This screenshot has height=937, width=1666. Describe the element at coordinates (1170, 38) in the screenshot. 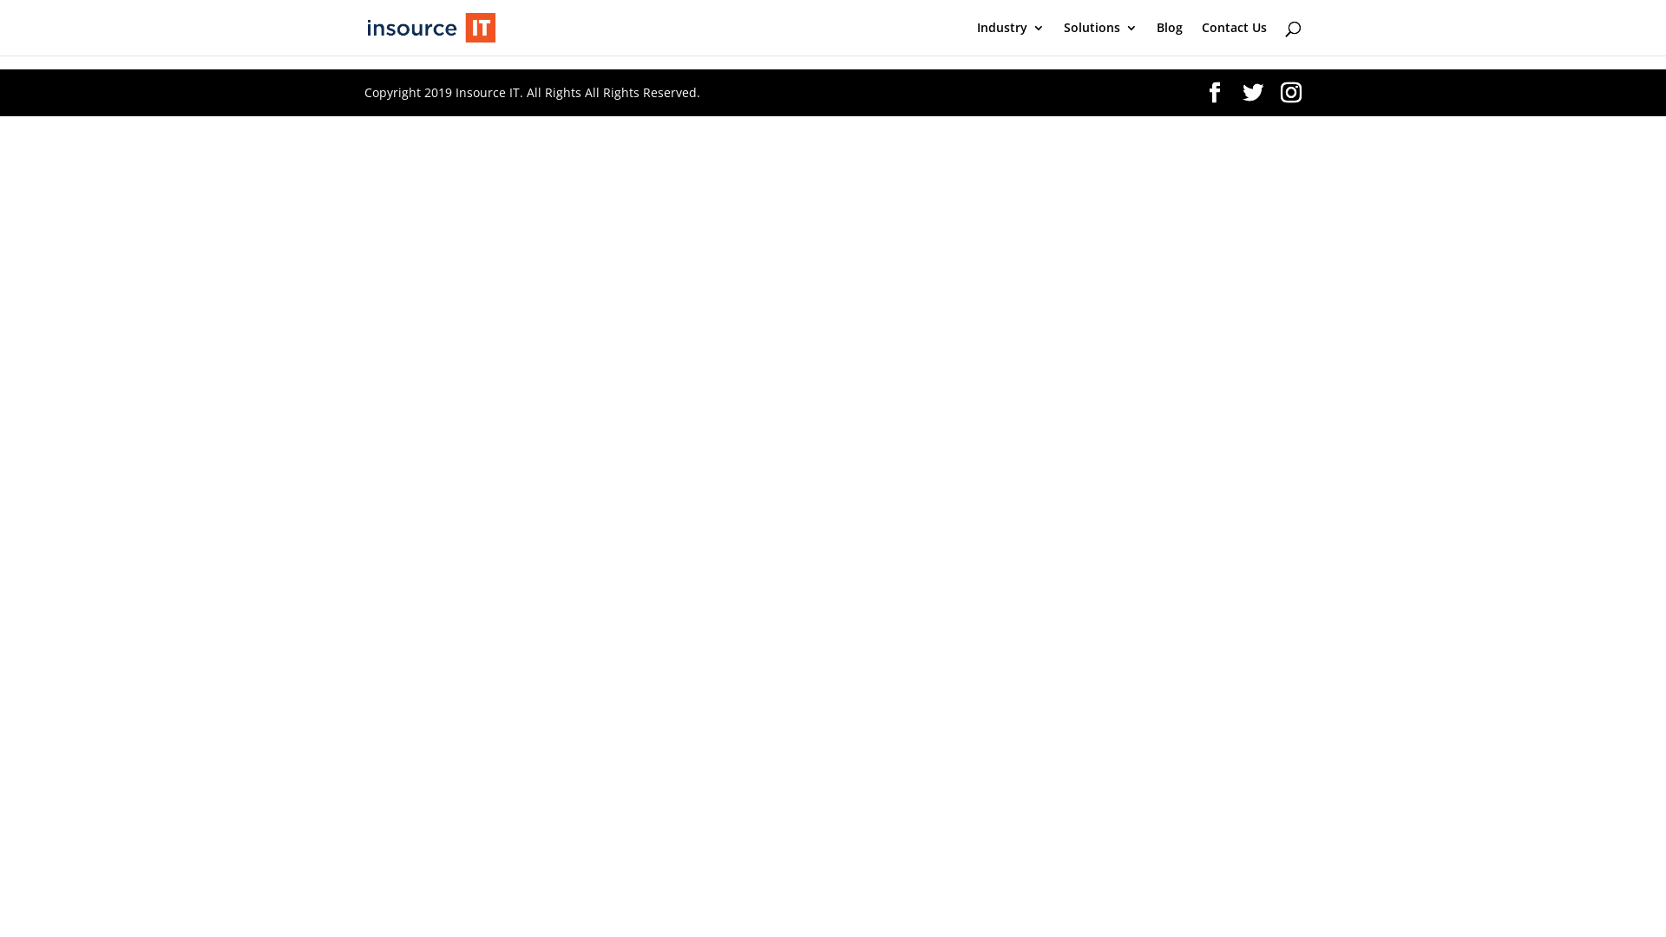

I see `'Blog'` at that location.